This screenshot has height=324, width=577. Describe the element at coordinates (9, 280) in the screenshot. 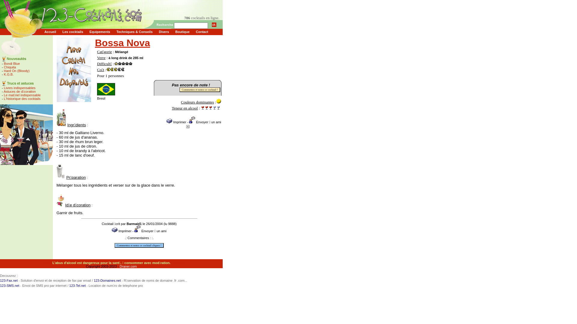

I see `'123-Fax.net'` at that location.